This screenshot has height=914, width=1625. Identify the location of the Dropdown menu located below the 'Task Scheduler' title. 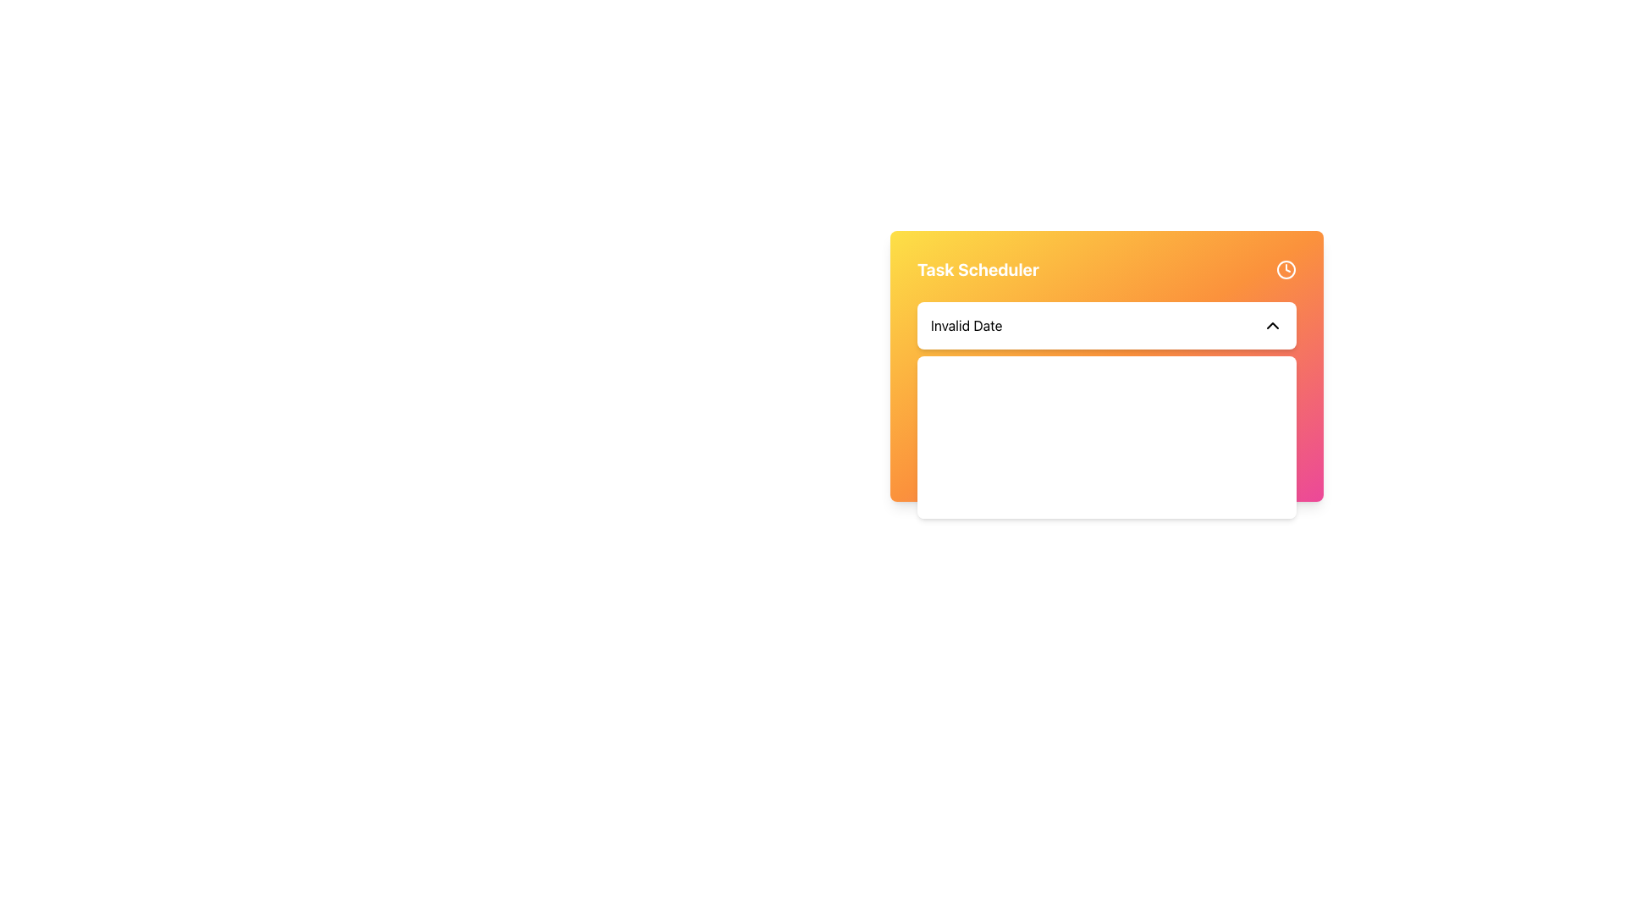
(1107, 326).